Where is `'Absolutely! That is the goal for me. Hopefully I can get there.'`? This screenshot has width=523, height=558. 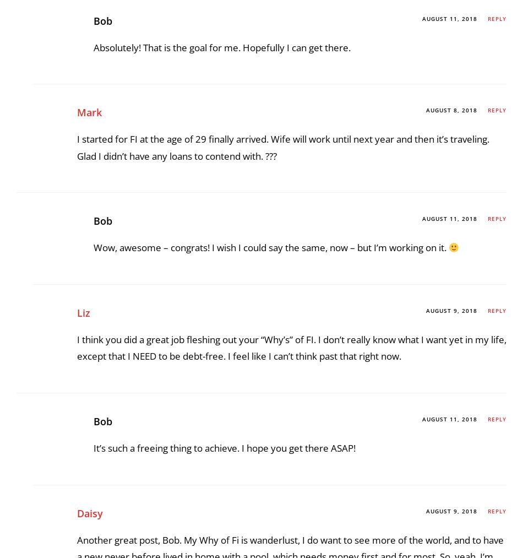
'Absolutely! That is the goal for me. Hopefully I can get there.' is located at coordinates (221, 356).